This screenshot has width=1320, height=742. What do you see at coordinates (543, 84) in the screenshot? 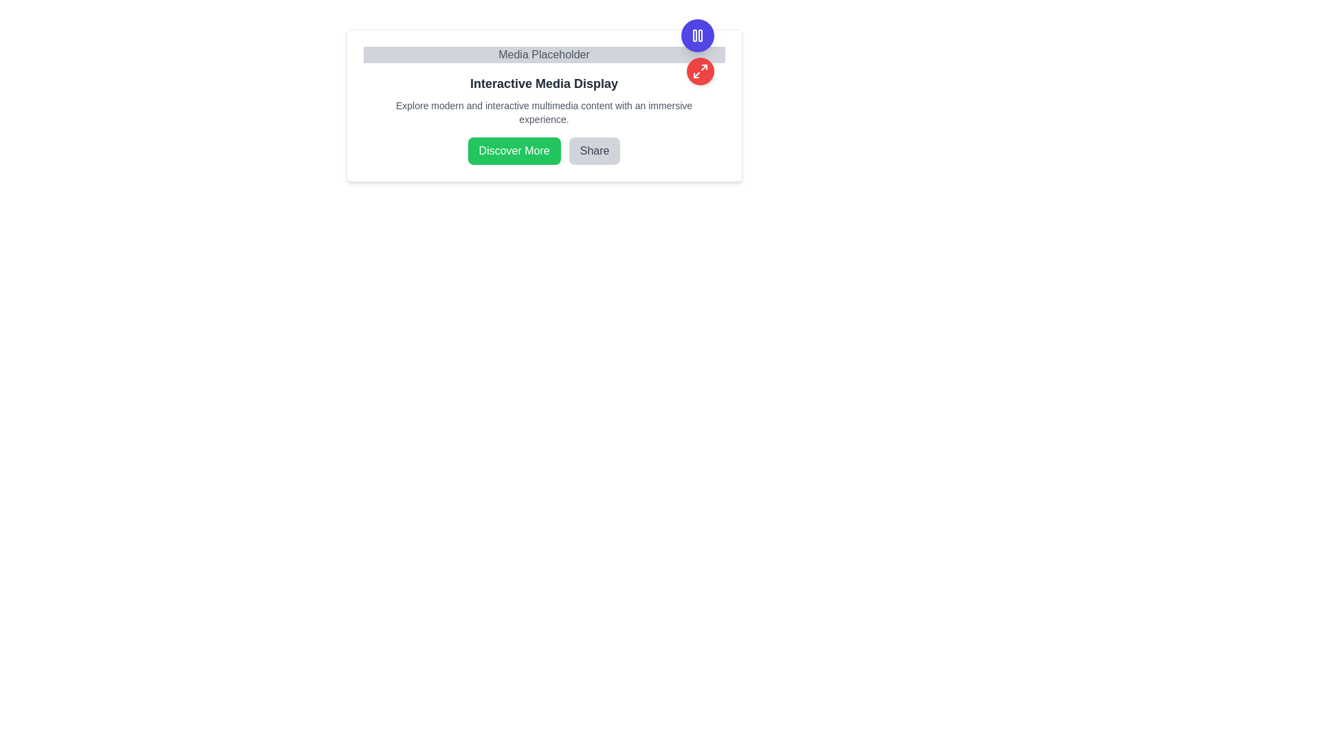
I see `displayed title 'Interactive Media Display' which is bold, large, and centered, positioned within a white background below 'Media Placeholder'` at bounding box center [543, 84].